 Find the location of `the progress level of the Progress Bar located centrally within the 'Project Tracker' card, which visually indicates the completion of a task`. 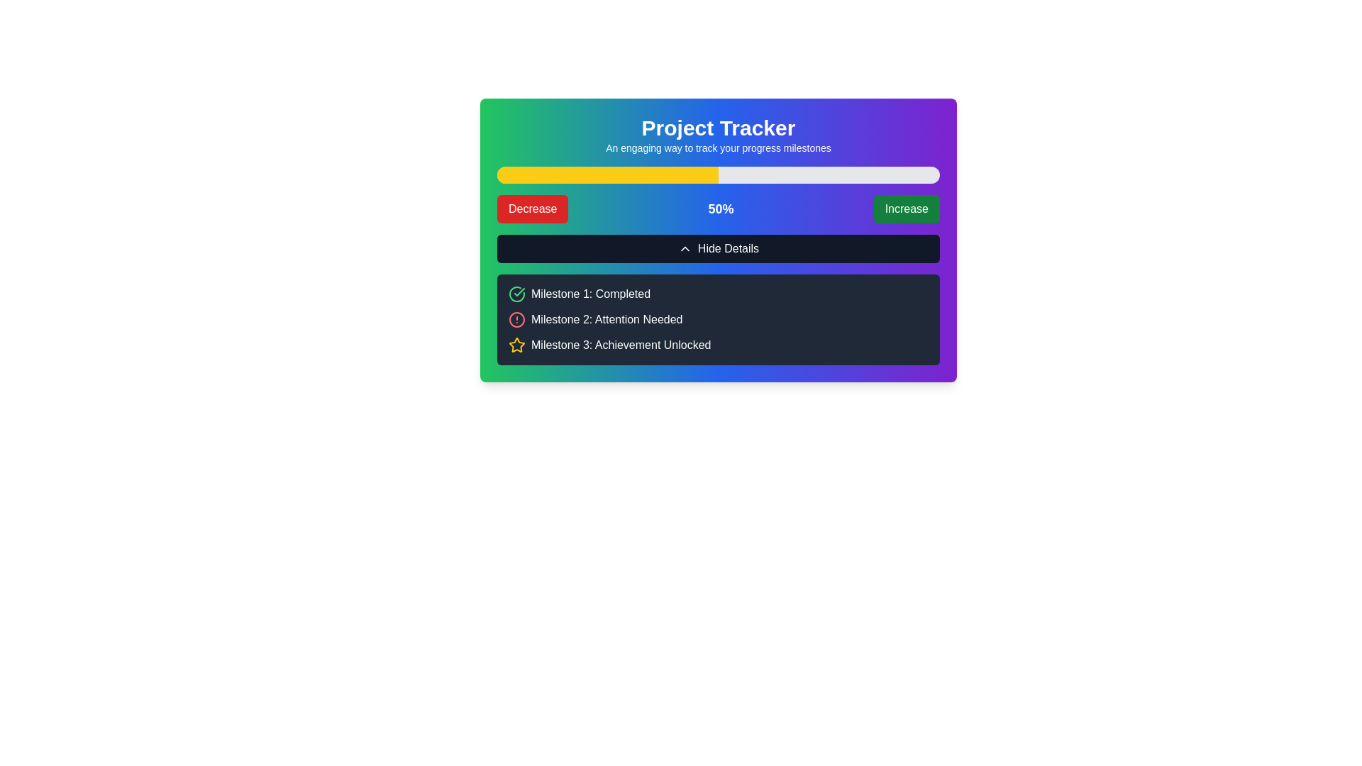

the progress level of the Progress Bar located centrally within the 'Project Tracker' card, which visually indicates the completion of a task is located at coordinates (718, 174).